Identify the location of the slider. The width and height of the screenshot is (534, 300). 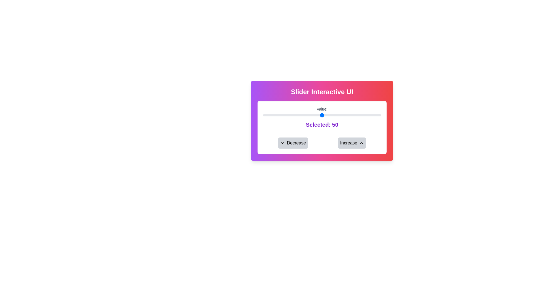
(275, 115).